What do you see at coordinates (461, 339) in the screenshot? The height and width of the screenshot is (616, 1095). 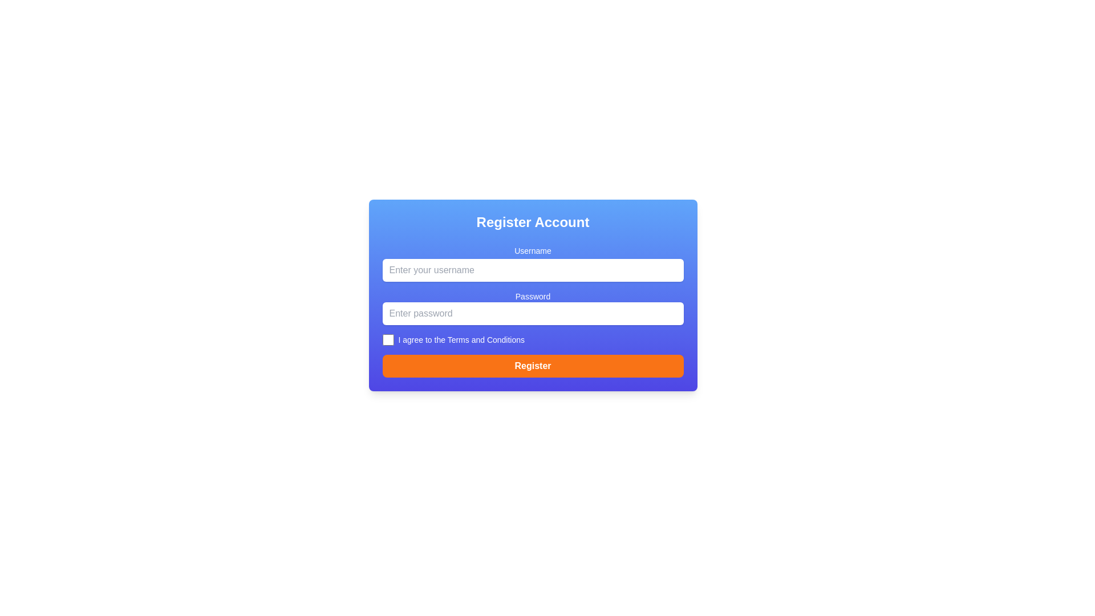 I see `text label that displays 'I agree to the Terms and Conditions', located below the password input field and above the 'Register' button` at bounding box center [461, 339].